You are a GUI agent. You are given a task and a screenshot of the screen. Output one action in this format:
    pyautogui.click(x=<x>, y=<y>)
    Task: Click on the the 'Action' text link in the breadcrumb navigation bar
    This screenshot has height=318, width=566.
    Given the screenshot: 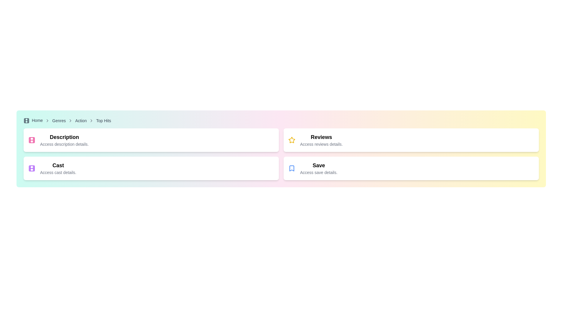 What is the action you would take?
    pyautogui.click(x=80, y=120)
    